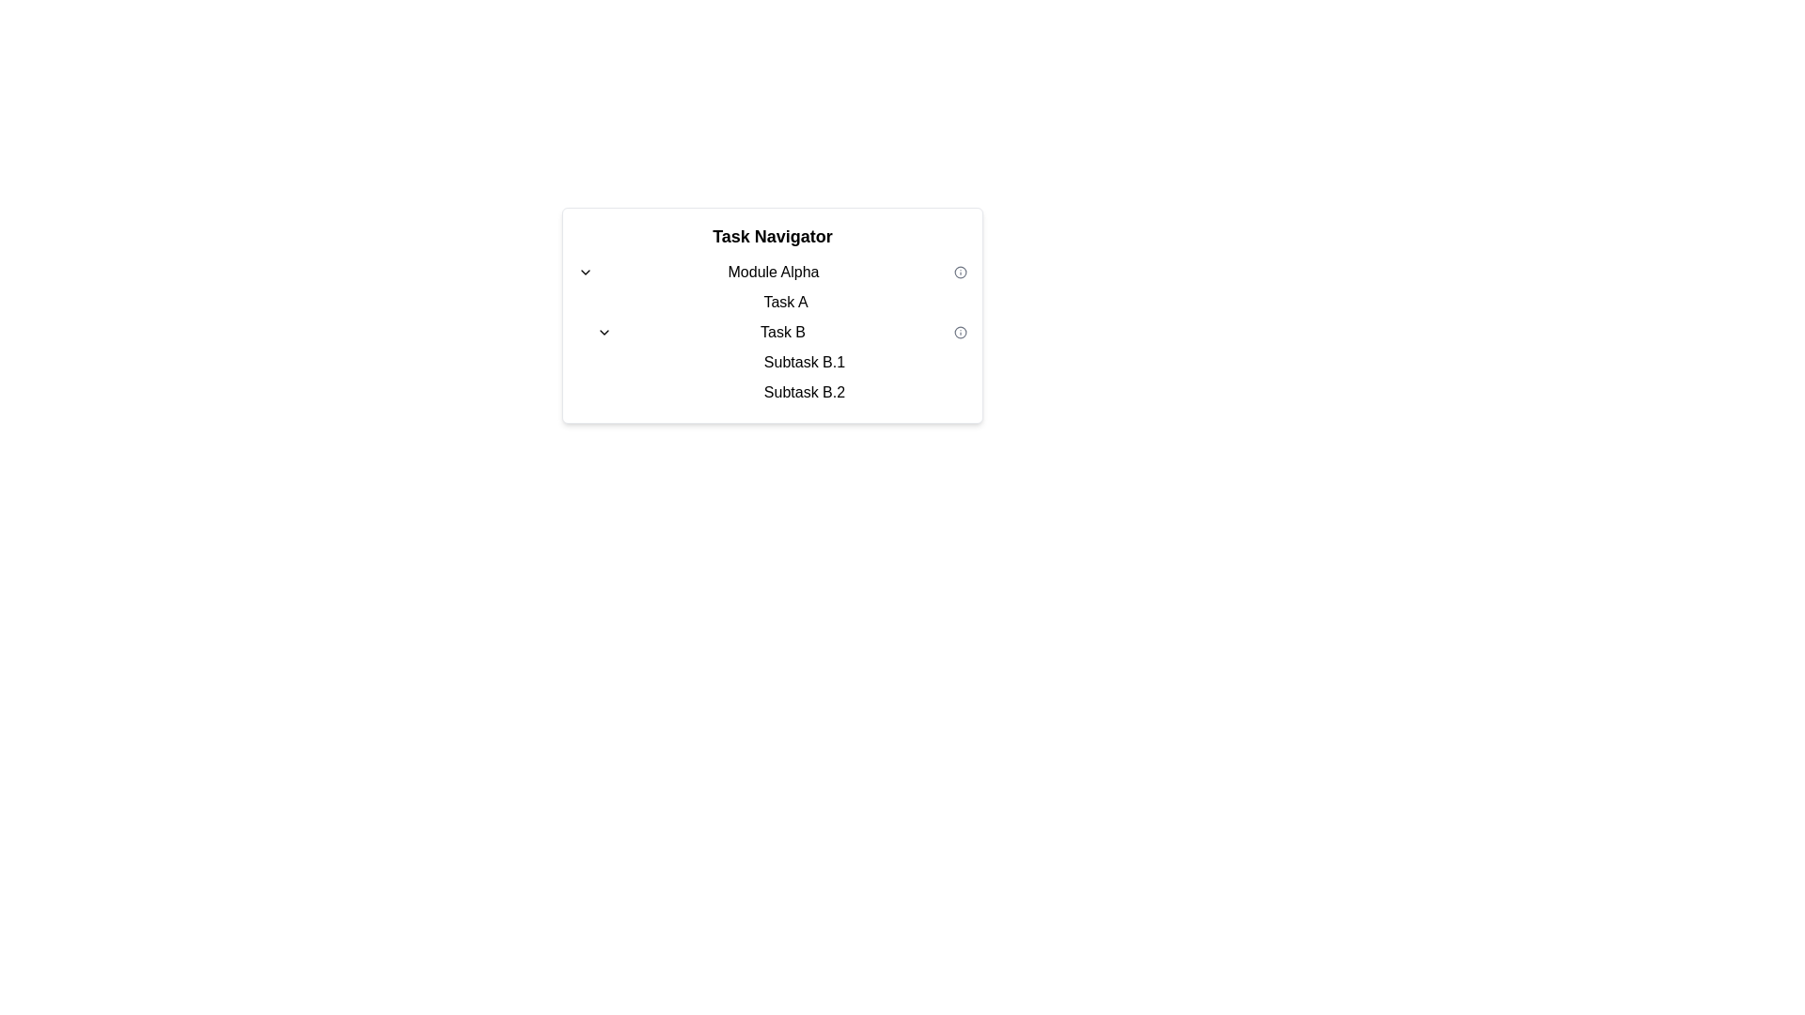  What do you see at coordinates (604, 332) in the screenshot?
I see `the downward-pointing chevron icon located to the left of the text 'Task B' in the 'Task Navigator' interface` at bounding box center [604, 332].